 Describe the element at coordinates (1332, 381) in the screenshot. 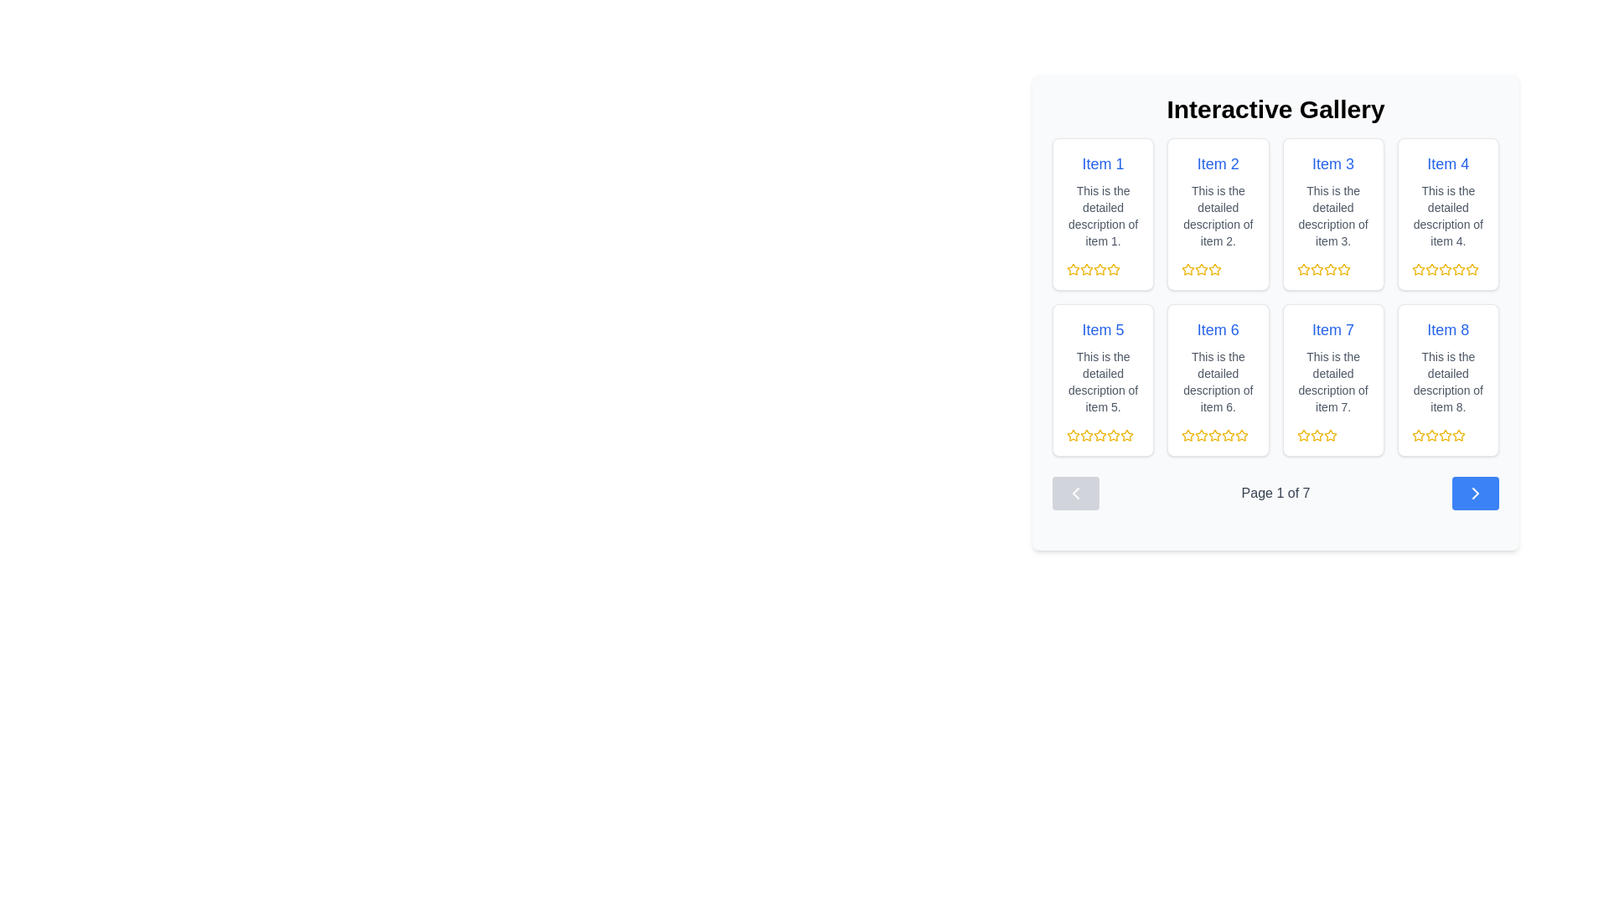

I see `the text label displaying 'This is the detailed description of item 7.' located within the card labeled 'Item 7'` at that location.